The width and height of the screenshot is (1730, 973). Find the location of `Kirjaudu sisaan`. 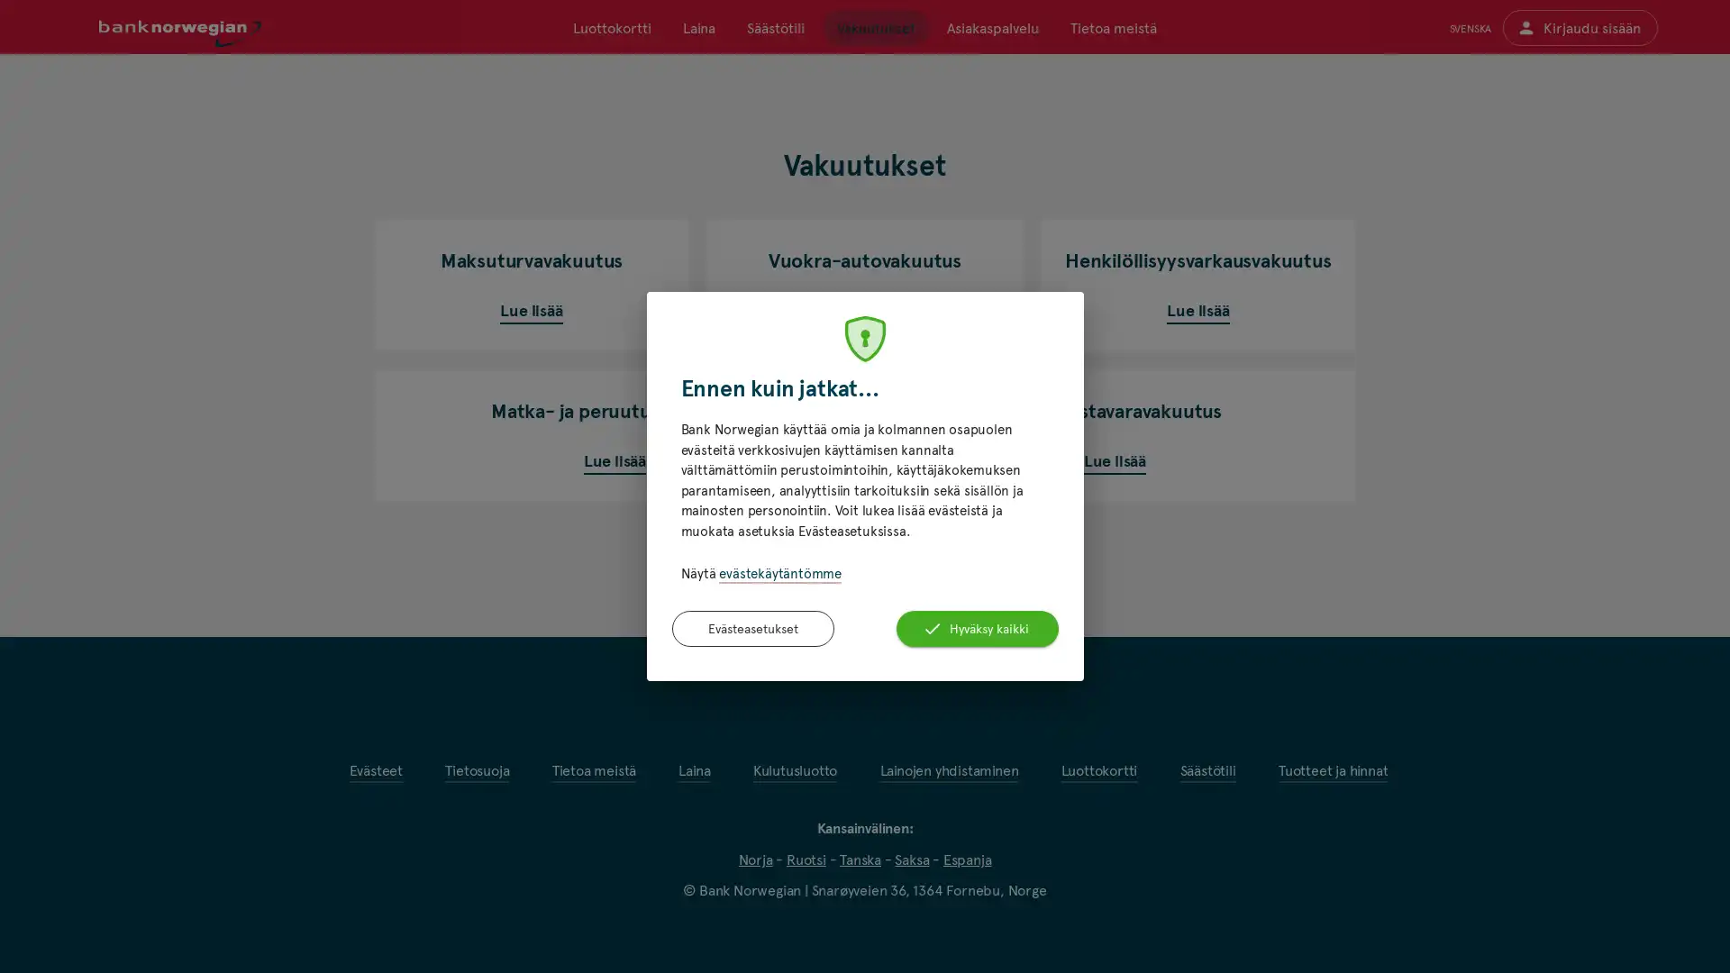

Kirjaudu sisaan is located at coordinates (1579, 27).